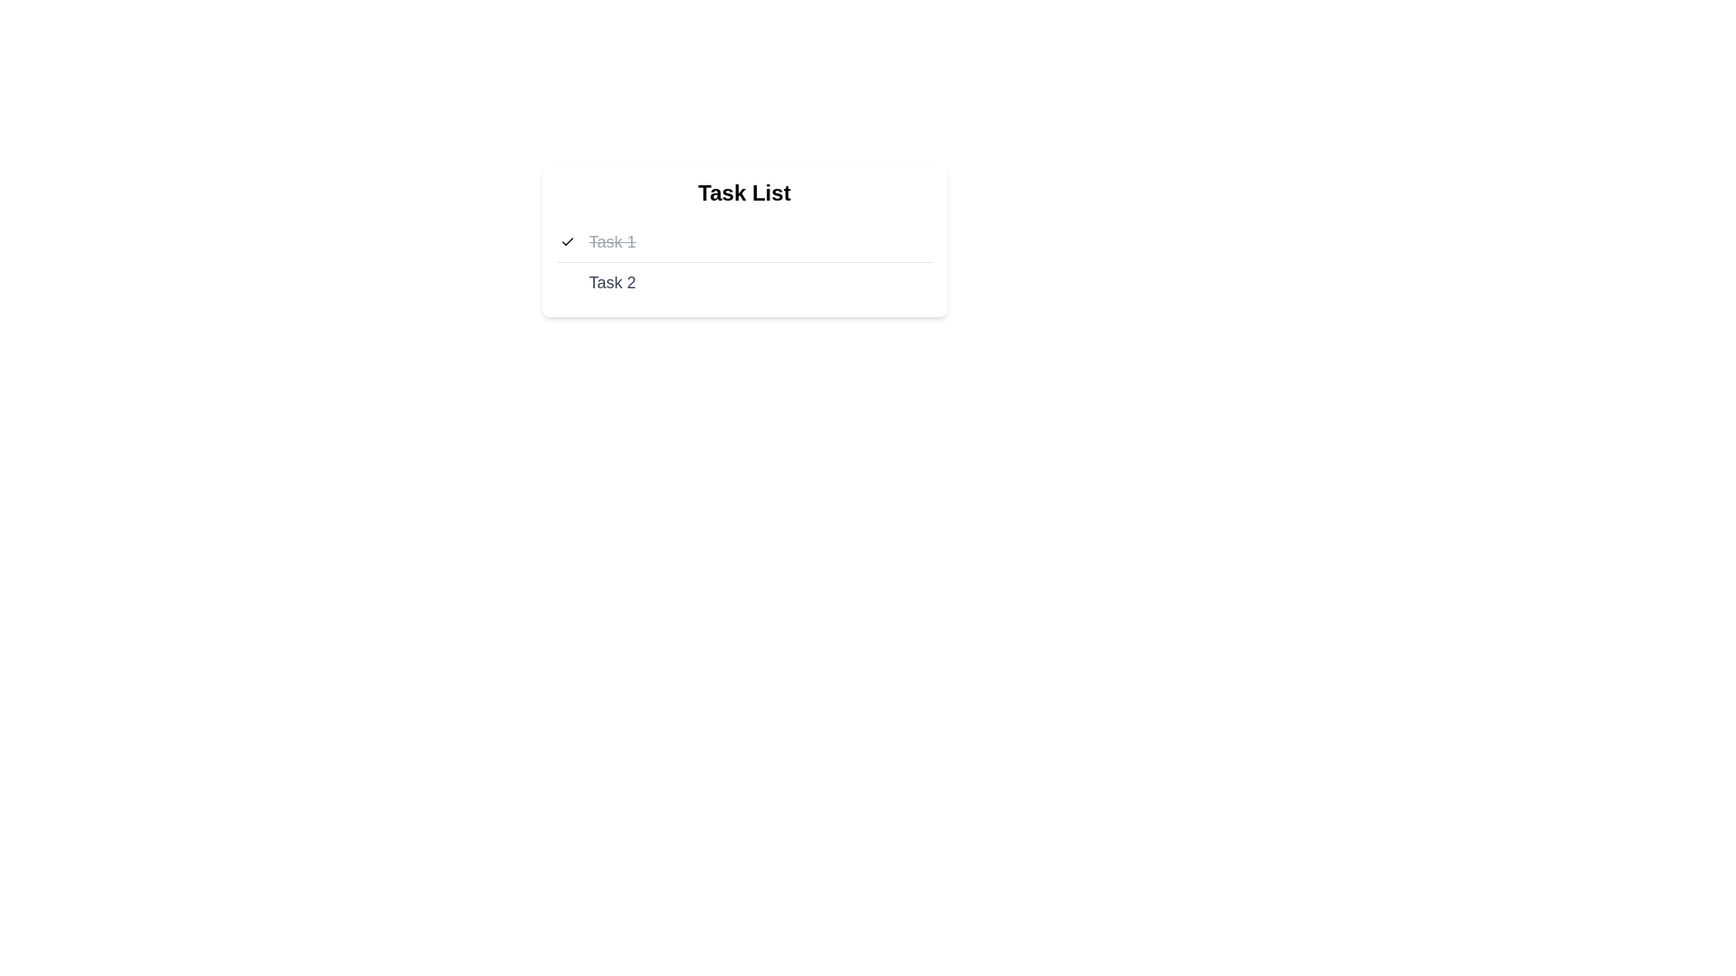  What do you see at coordinates (566, 240) in the screenshot?
I see `the task completion indicator icon located to the left of the 'Task 1' text in the task list` at bounding box center [566, 240].